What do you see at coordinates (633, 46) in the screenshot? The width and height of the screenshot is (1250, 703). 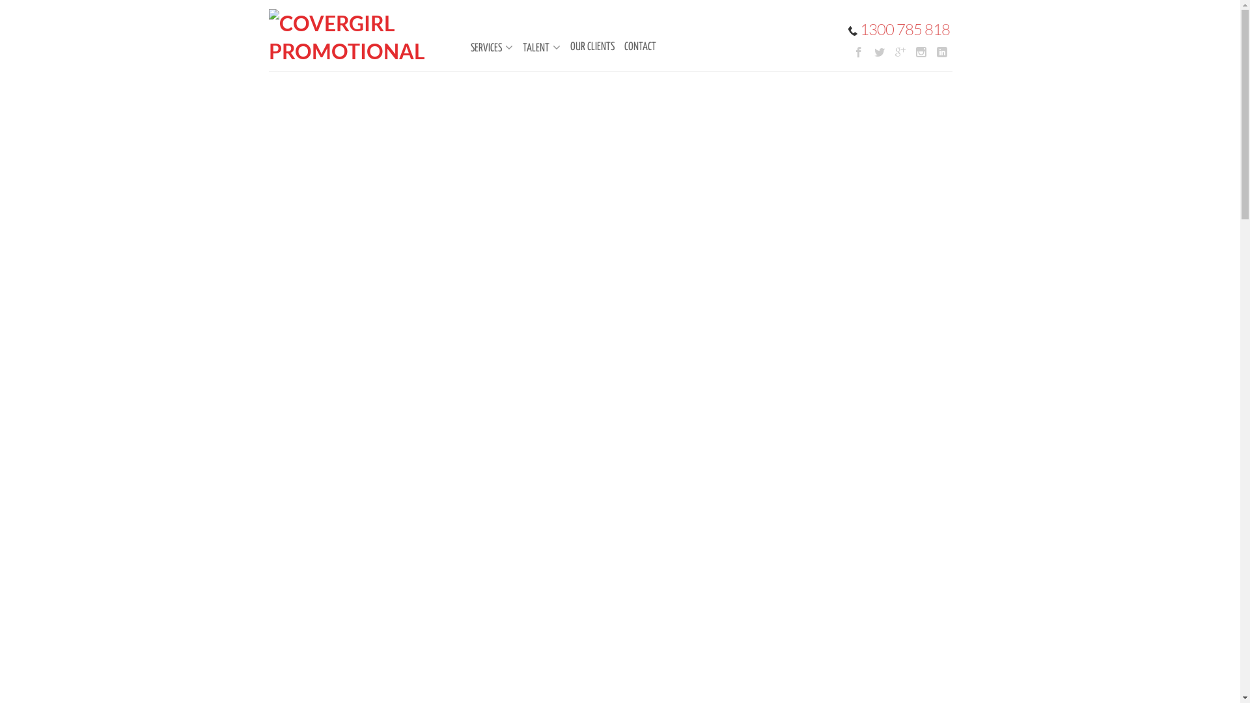 I see `'CONTACT'` at bounding box center [633, 46].